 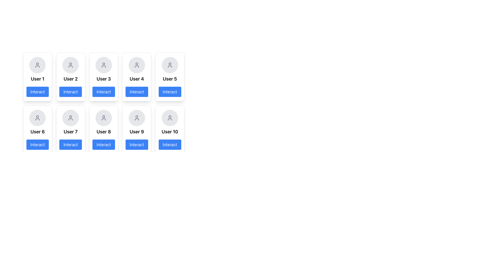 I want to click on the text label displaying 'User 1' located in the first card of the grid layout, positioned beneath the avatar icon and above the blue 'Interact' button, so click(x=37, y=79).